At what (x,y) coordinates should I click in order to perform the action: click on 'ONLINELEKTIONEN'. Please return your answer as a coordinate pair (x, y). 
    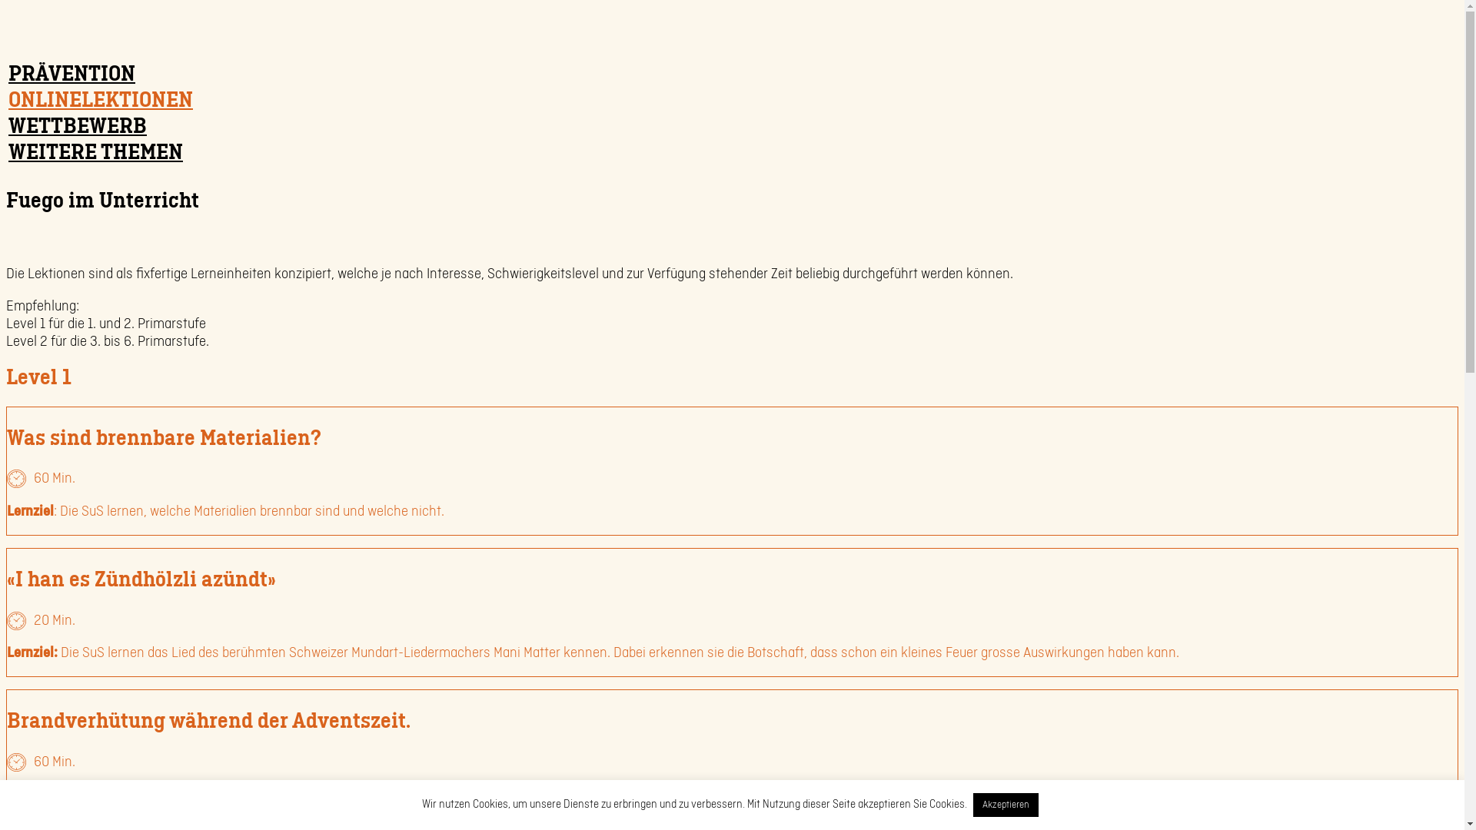
    Looking at the image, I should click on (99, 99).